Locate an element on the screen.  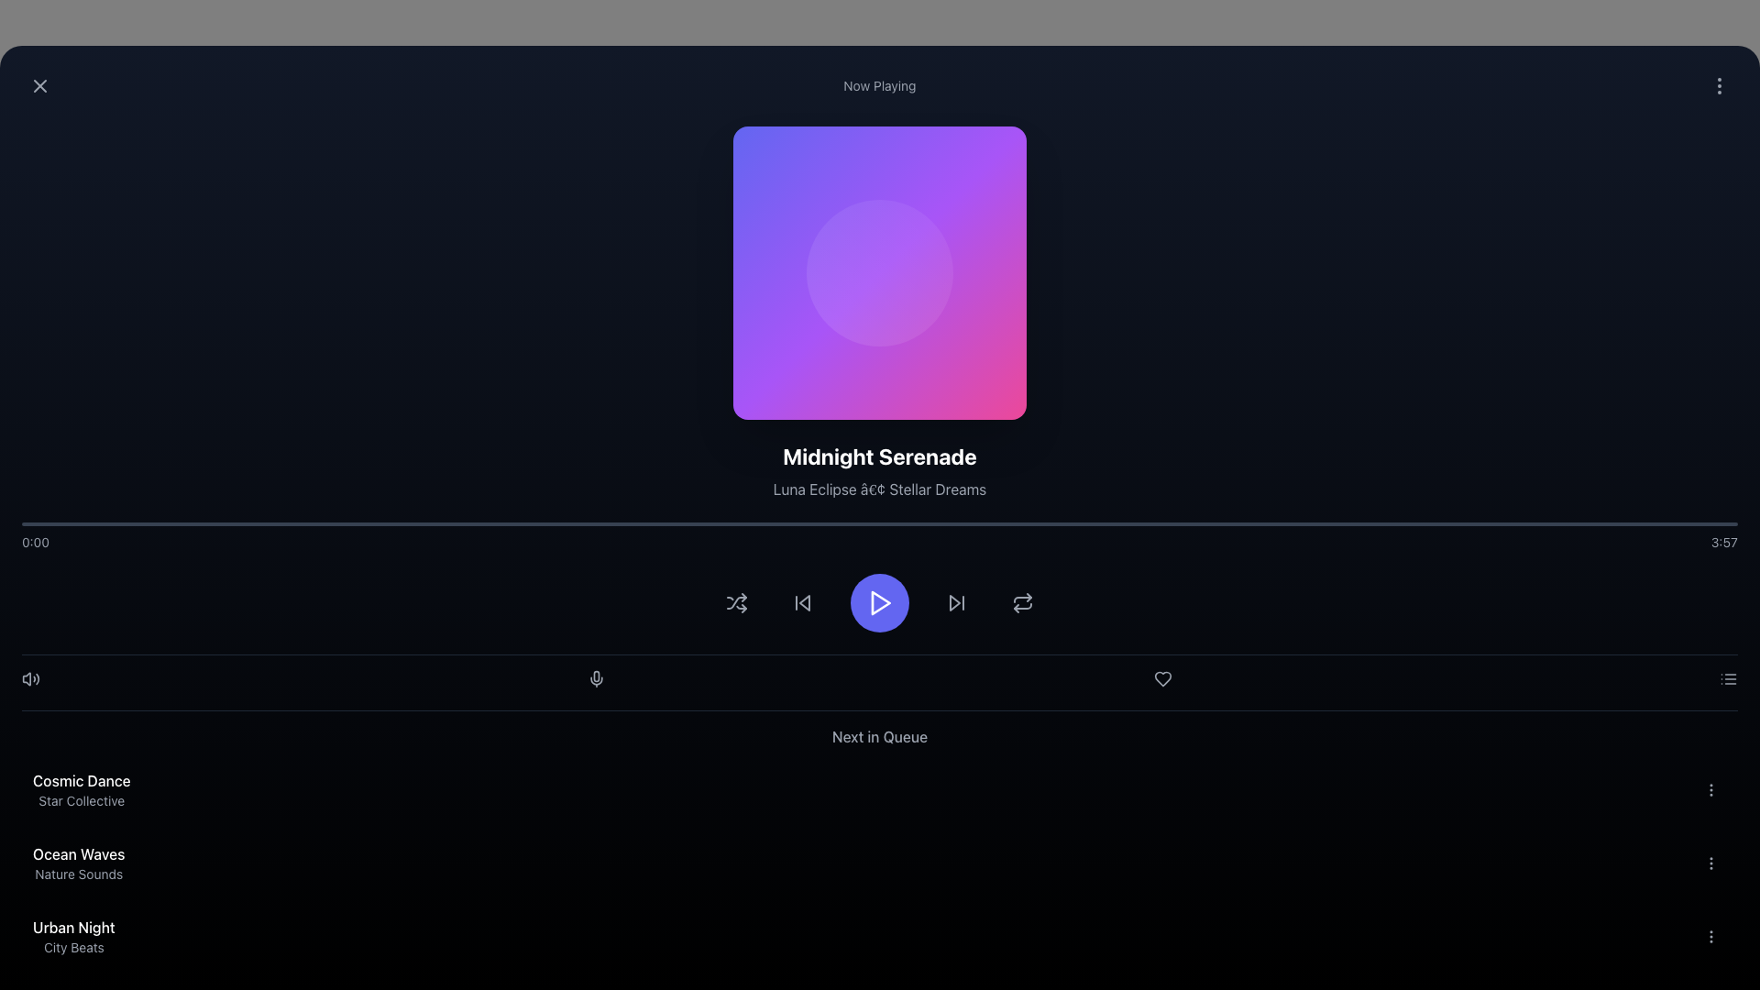
the bottom-right component of the repeat or loop button graphic in the media player is located at coordinates (1022, 606).